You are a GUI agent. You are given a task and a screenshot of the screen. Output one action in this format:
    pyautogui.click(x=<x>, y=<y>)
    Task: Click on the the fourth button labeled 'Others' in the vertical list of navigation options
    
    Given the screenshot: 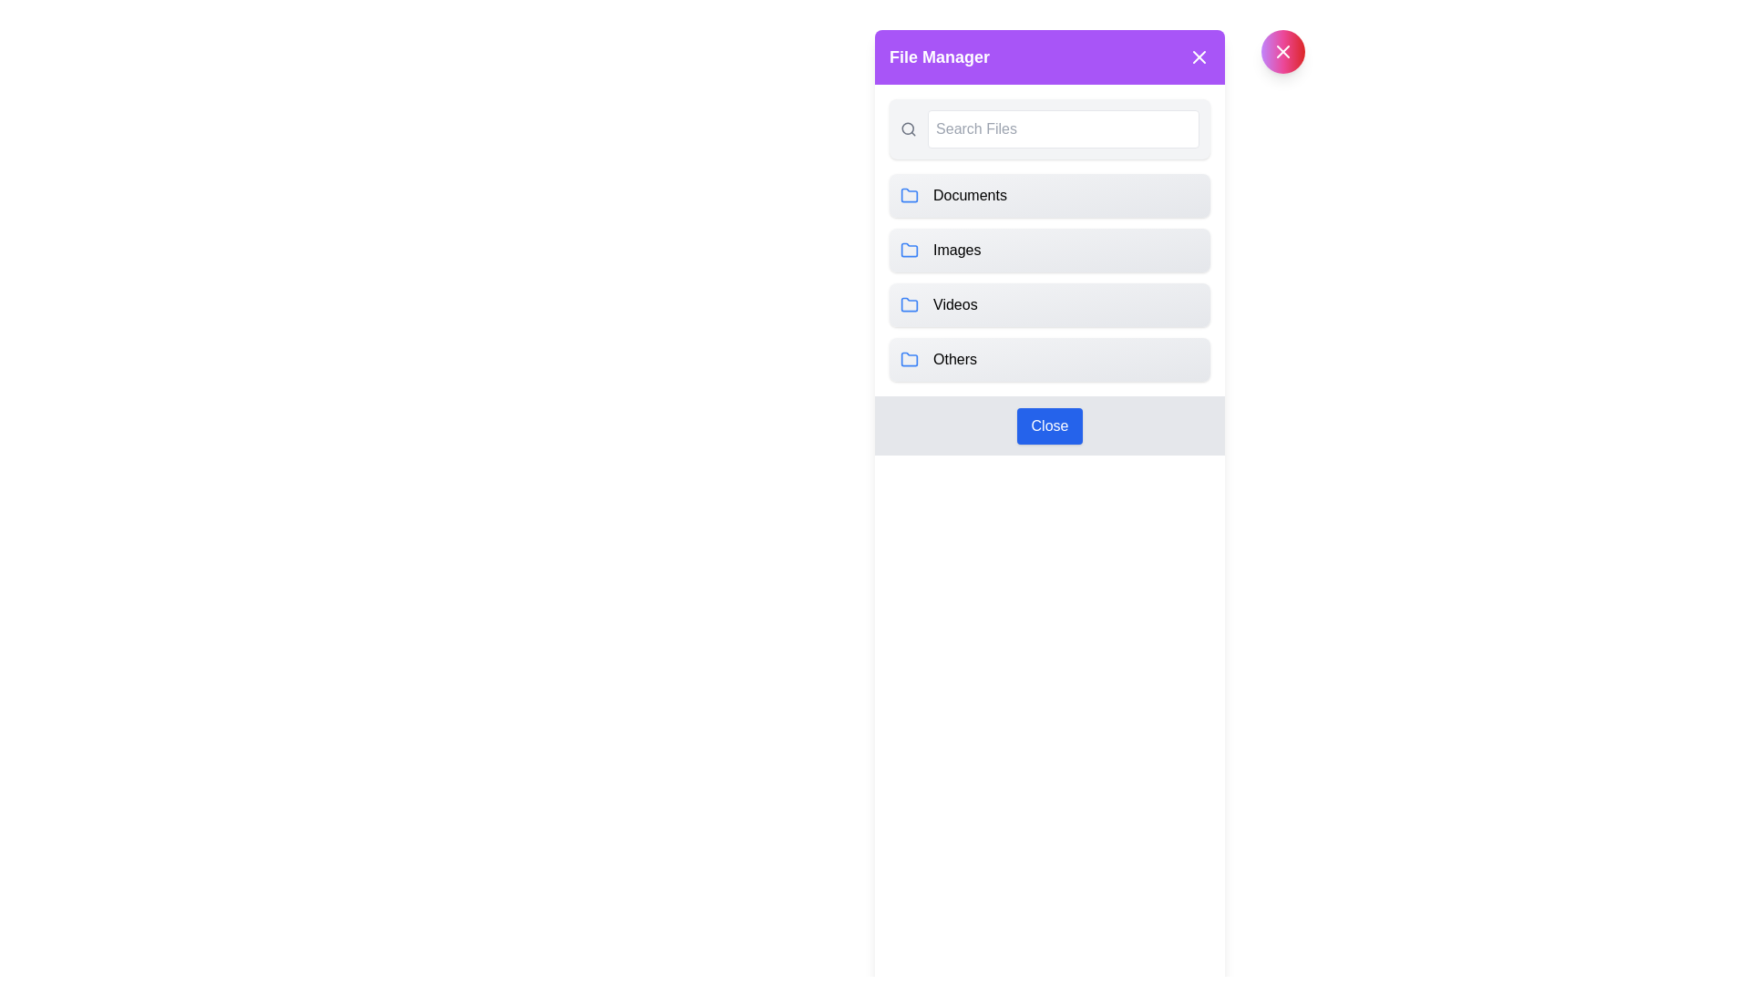 What is the action you would take?
    pyautogui.click(x=1050, y=359)
    